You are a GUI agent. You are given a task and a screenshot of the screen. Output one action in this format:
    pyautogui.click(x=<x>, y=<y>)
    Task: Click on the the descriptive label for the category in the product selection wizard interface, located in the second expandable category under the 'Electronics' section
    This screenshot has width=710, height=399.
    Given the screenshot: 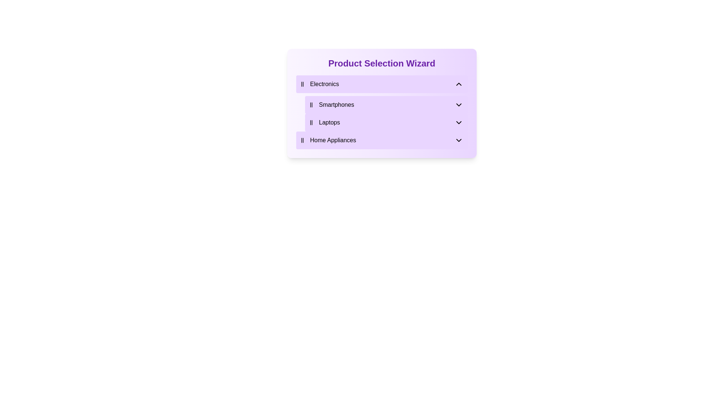 What is the action you would take?
    pyautogui.click(x=336, y=105)
    